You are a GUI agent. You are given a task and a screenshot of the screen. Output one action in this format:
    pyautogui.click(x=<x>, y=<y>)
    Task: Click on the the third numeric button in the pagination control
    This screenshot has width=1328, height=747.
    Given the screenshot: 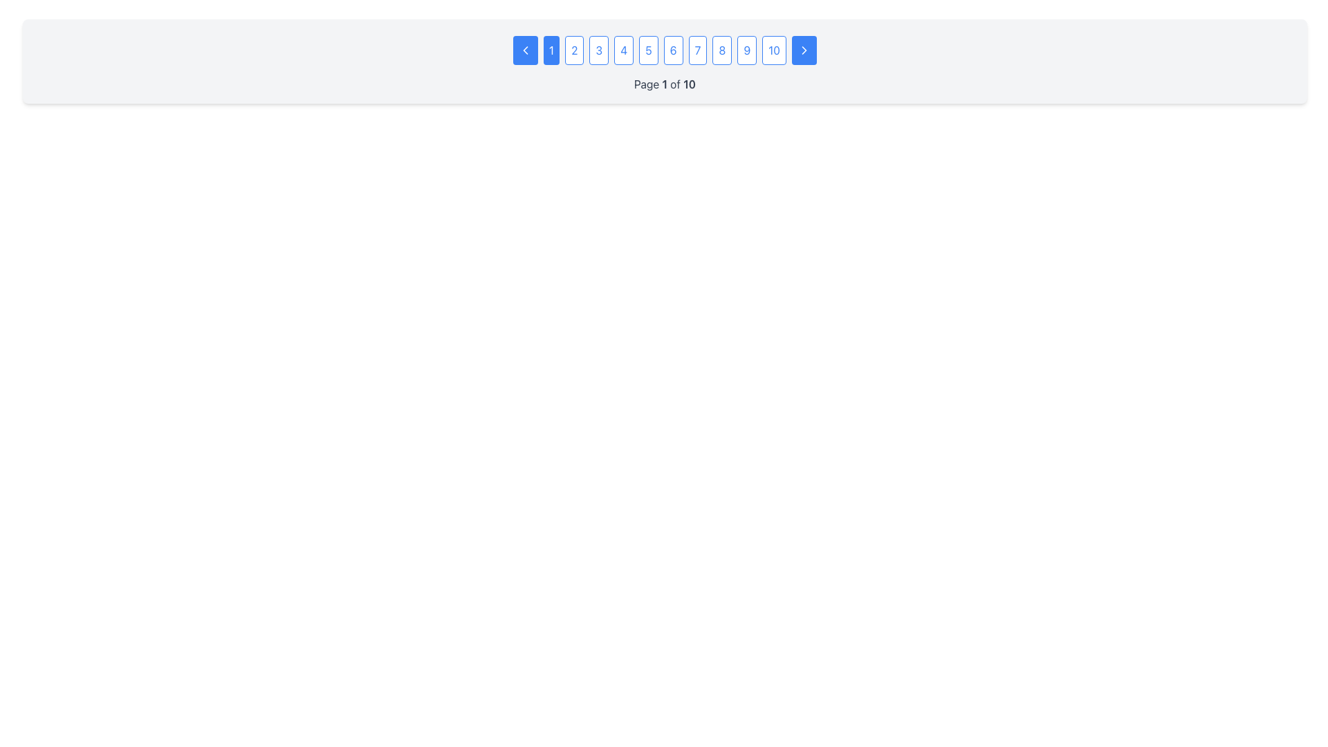 What is the action you would take?
    pyautogui.click(x=599, y=50)
    